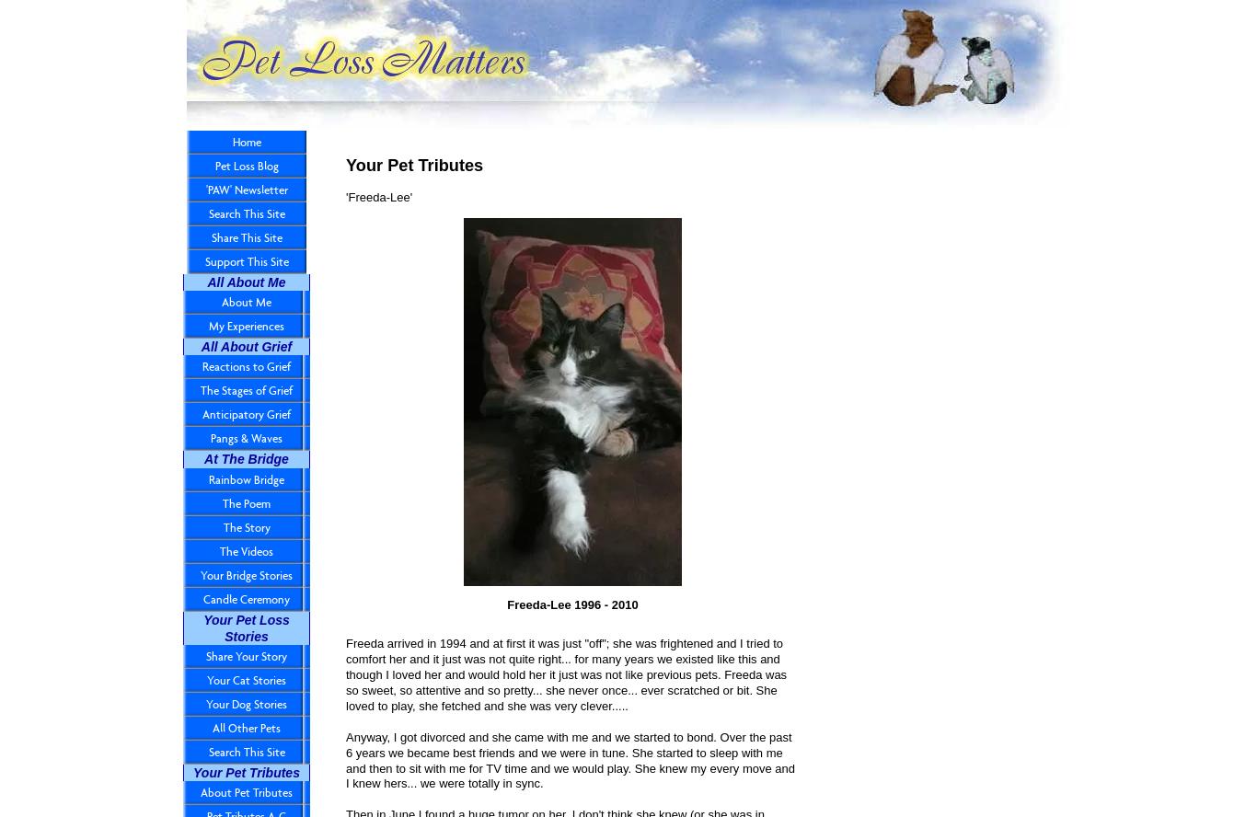  I want to click on 'Pangs & Waves', so click(247, 438).